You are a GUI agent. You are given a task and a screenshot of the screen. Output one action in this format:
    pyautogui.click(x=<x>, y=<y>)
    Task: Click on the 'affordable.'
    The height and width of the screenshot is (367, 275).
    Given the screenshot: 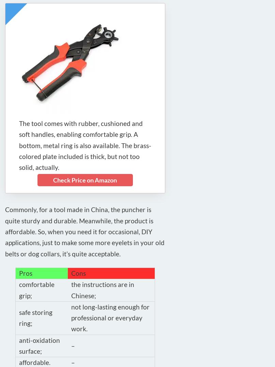 What is the action you would take?
    pyautogui.click(x=19, y=362)
    